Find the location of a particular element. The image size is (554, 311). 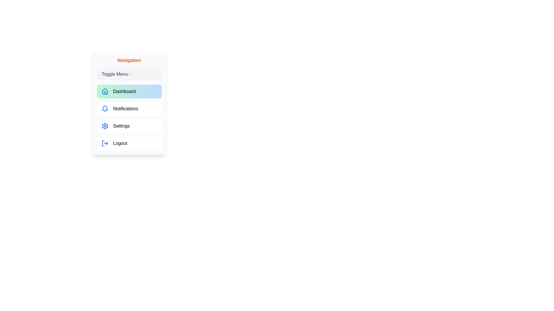

the navigation item Notifications from the menu is located at coordinates (129, 109).